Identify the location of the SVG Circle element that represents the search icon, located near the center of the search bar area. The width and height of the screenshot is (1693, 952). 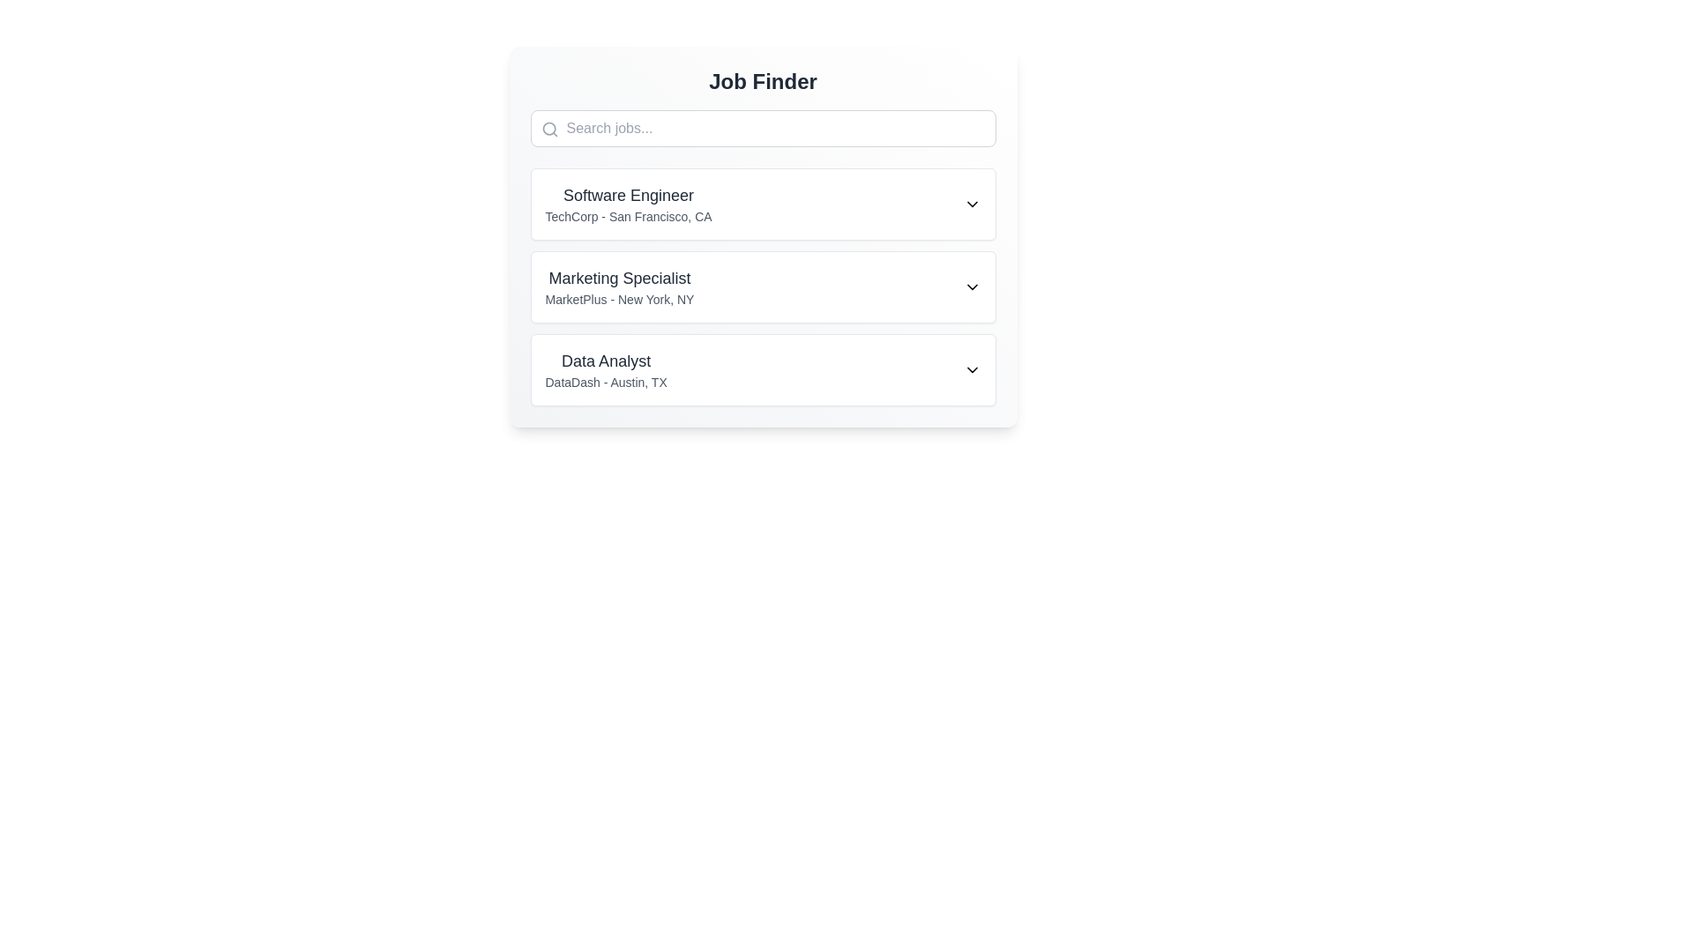
(548, 128).